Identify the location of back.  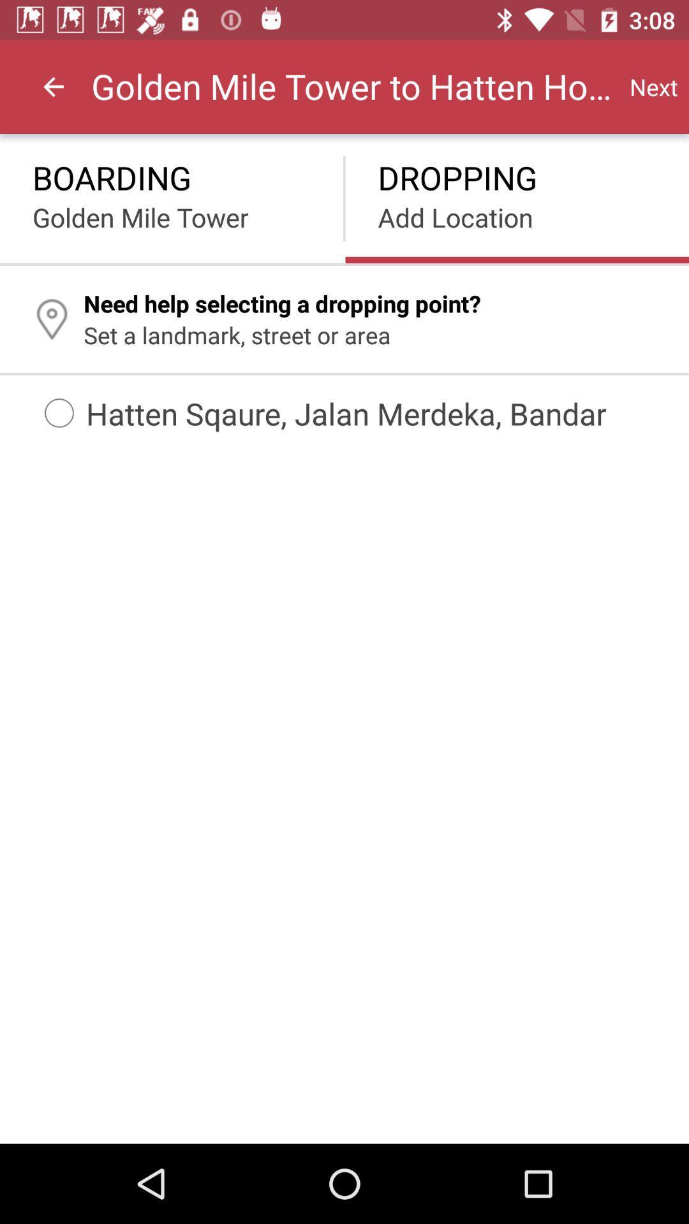
(53, 86).